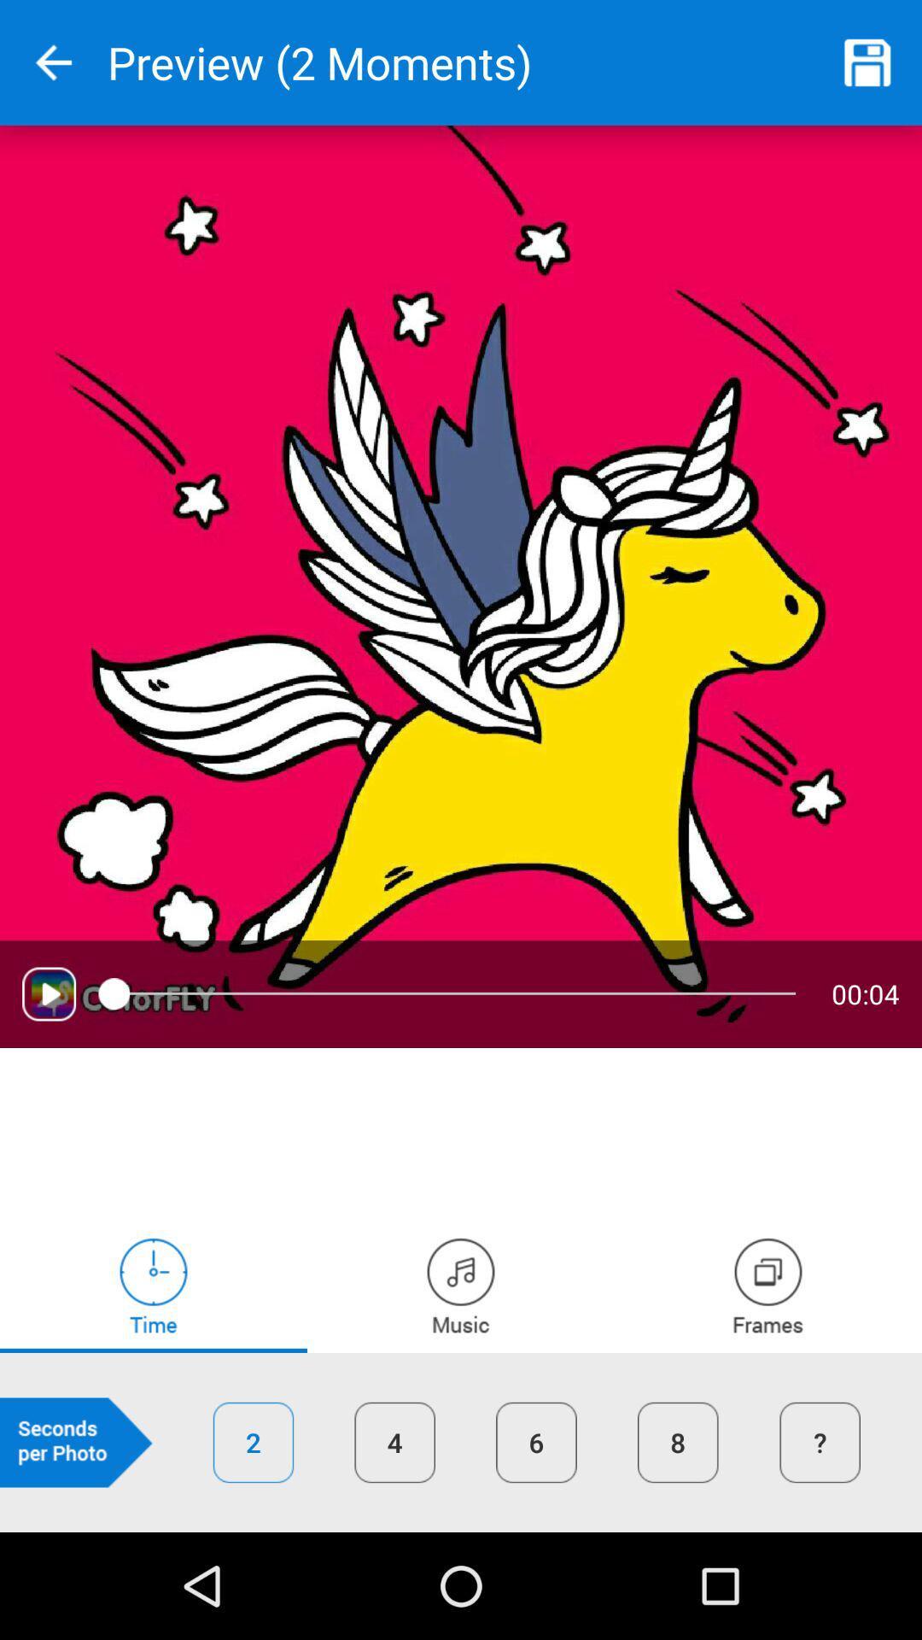 The image size is (922, 1640). What do you see at coordinates (48, 993) in the screenshot?
I see `media` at bounding box center [48, 993].